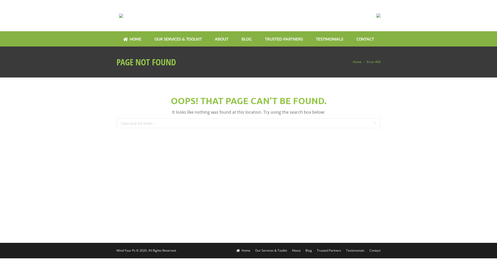 This screenshot has height=279, width=497. I want to click on 'BLOG', so click(246, 39).